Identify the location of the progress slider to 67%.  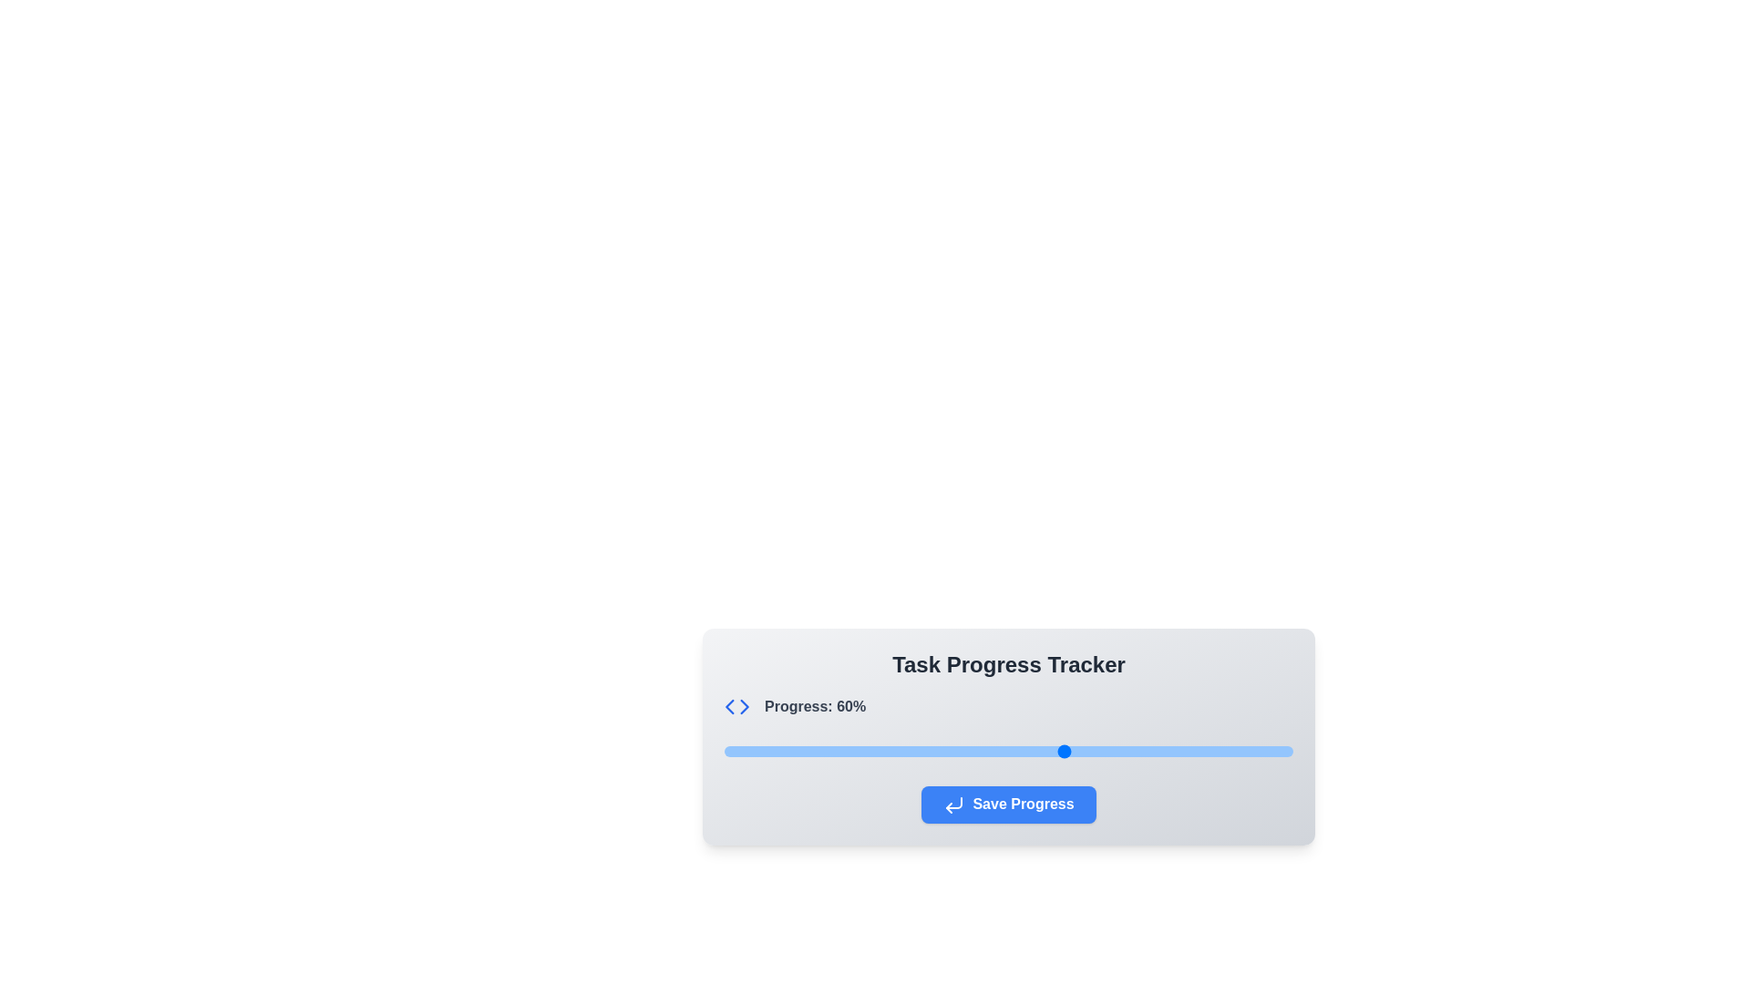
(1105, 752).